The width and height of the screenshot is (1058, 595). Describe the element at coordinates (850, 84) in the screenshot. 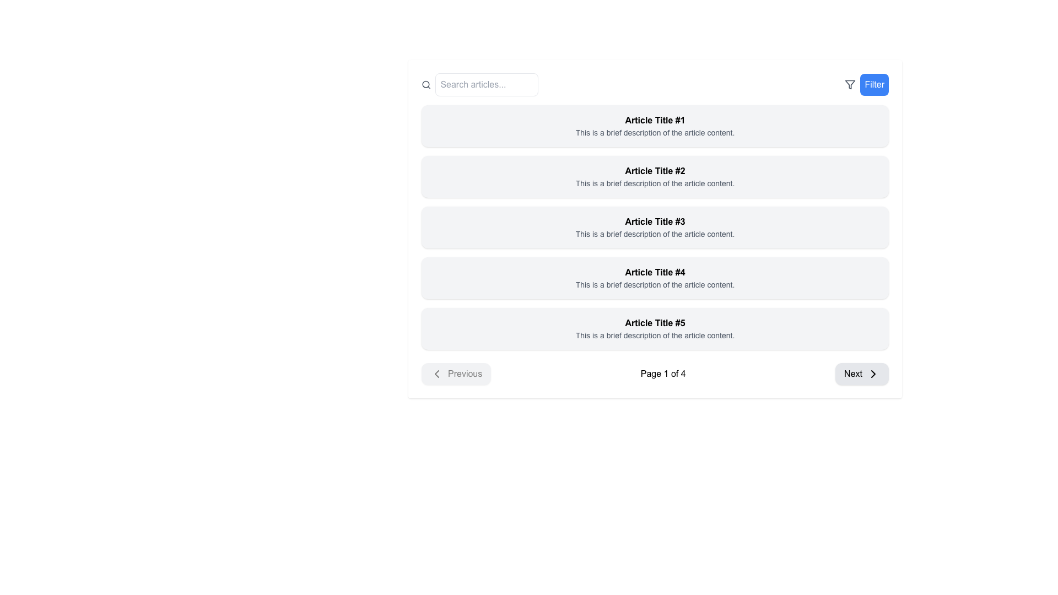

I see `the Decorative Icon, which is a small minimalist icon with a gray outline located in the top-right corner of the interface, preceding the 'Filter' button` at that location.